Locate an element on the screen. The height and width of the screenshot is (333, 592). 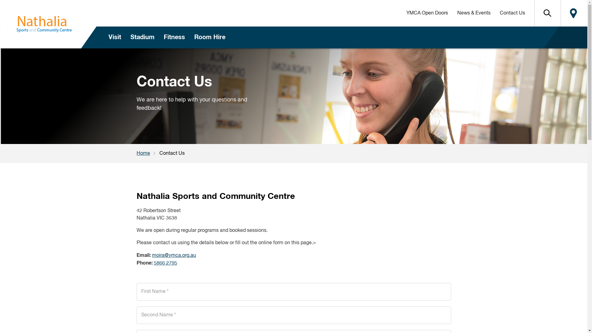
'Contact Us' is located at coordinates (512, 13).